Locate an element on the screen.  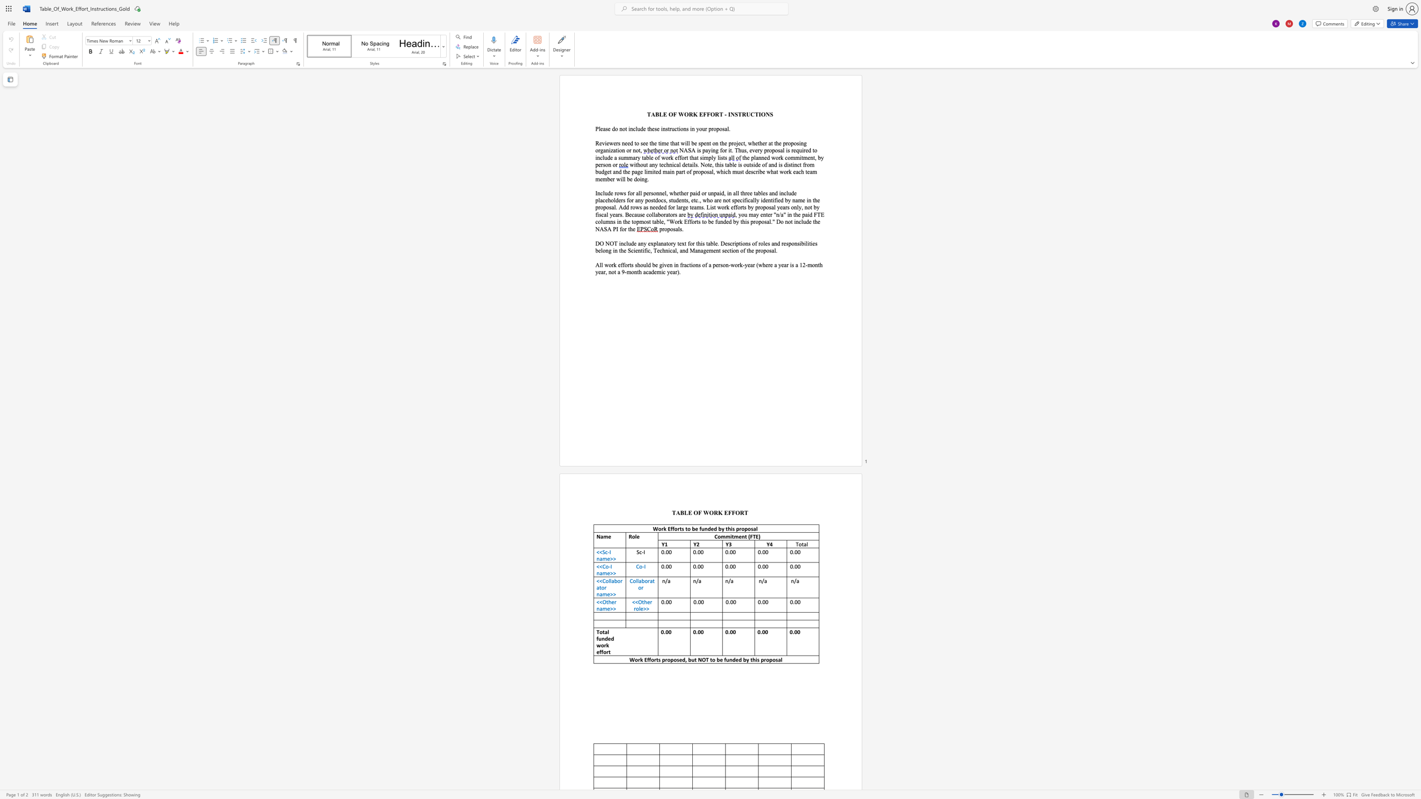
the 1th character "o" in the text is located at coordinates (777, 157).